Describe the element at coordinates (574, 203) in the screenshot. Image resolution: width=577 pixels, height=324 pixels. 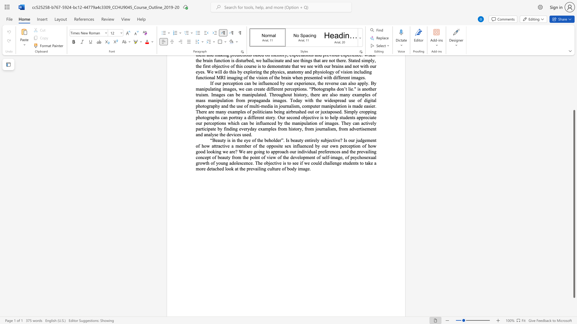
I see `the scrollbar and move up 200 pixels` at that location.